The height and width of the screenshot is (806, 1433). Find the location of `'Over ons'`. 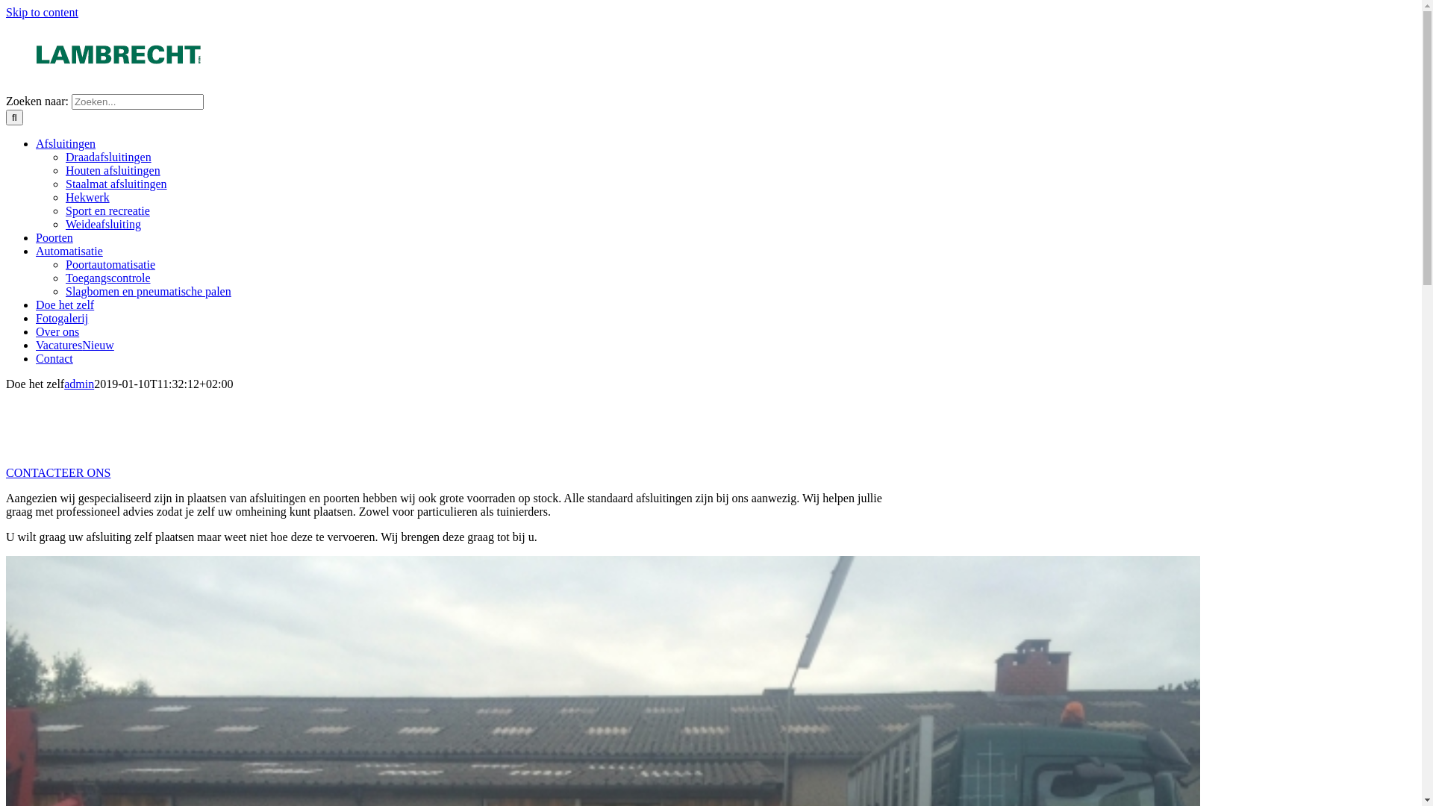

'Over ons' is located at coordinates (36, 331).